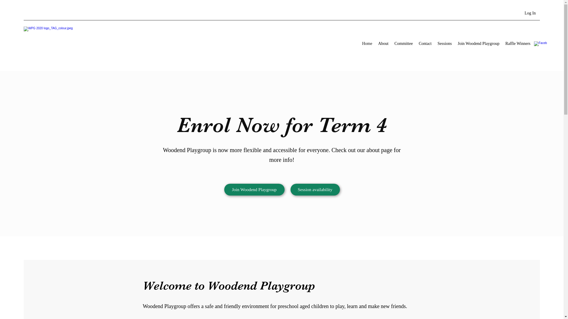 This screenshot has height=319, width=568. What do you see at coordinates (383, 44) in the screenshot?
I see `'About'` at bounding box center [383, 44].